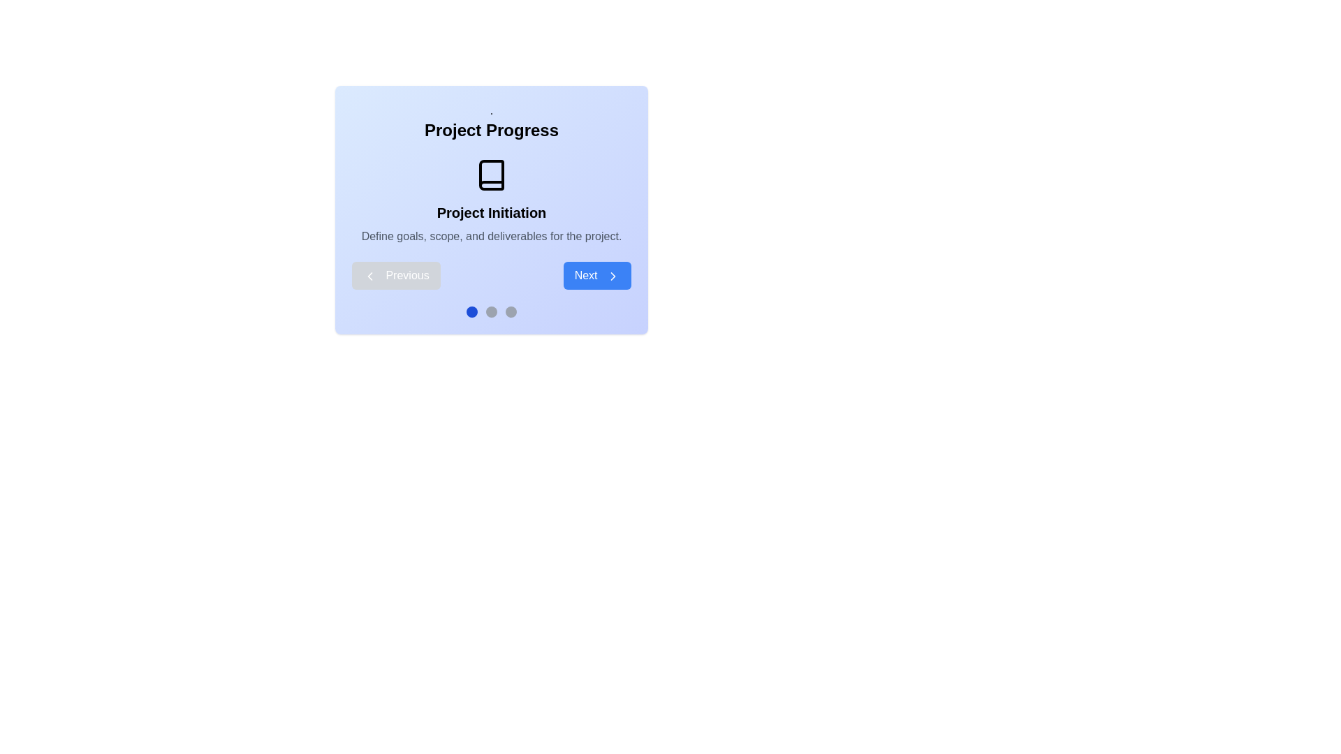 This screenshot has height=754, width=1341. What do you see at coordinates (395, 275) in the screenshot?
I see `the 'Previous' button, which has a blue background, white text, and a left-chevron icon` at bounding box center [395, 275].